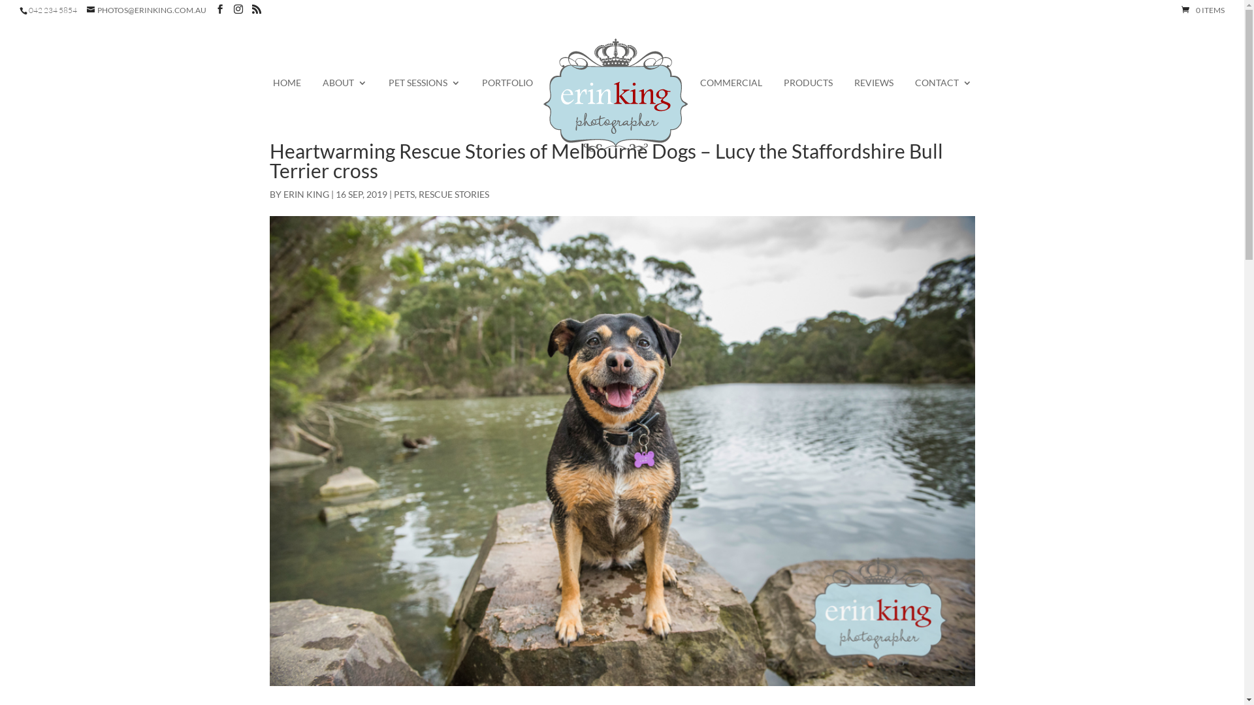 This screenshot has height=705, width=1254. I want to click on 'PET SESSIONS', so click(423, 90).